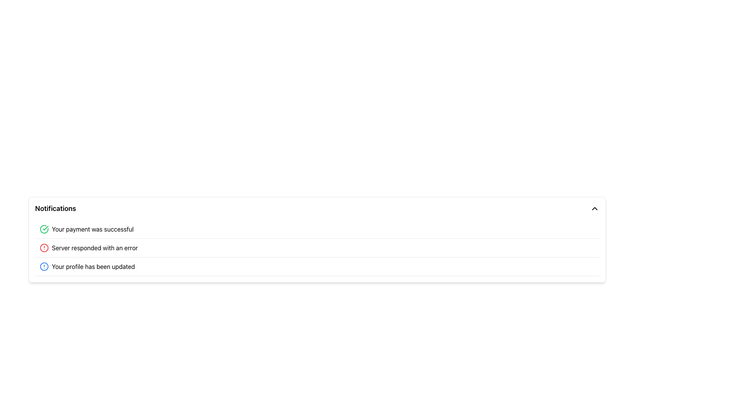 This screenshot has height=412, width=733. I want to click on the checkmark icon, which is styled with a green stroke and located in the first row of the notification list next to the success message 'Your payment was successful', so click(45, 227).